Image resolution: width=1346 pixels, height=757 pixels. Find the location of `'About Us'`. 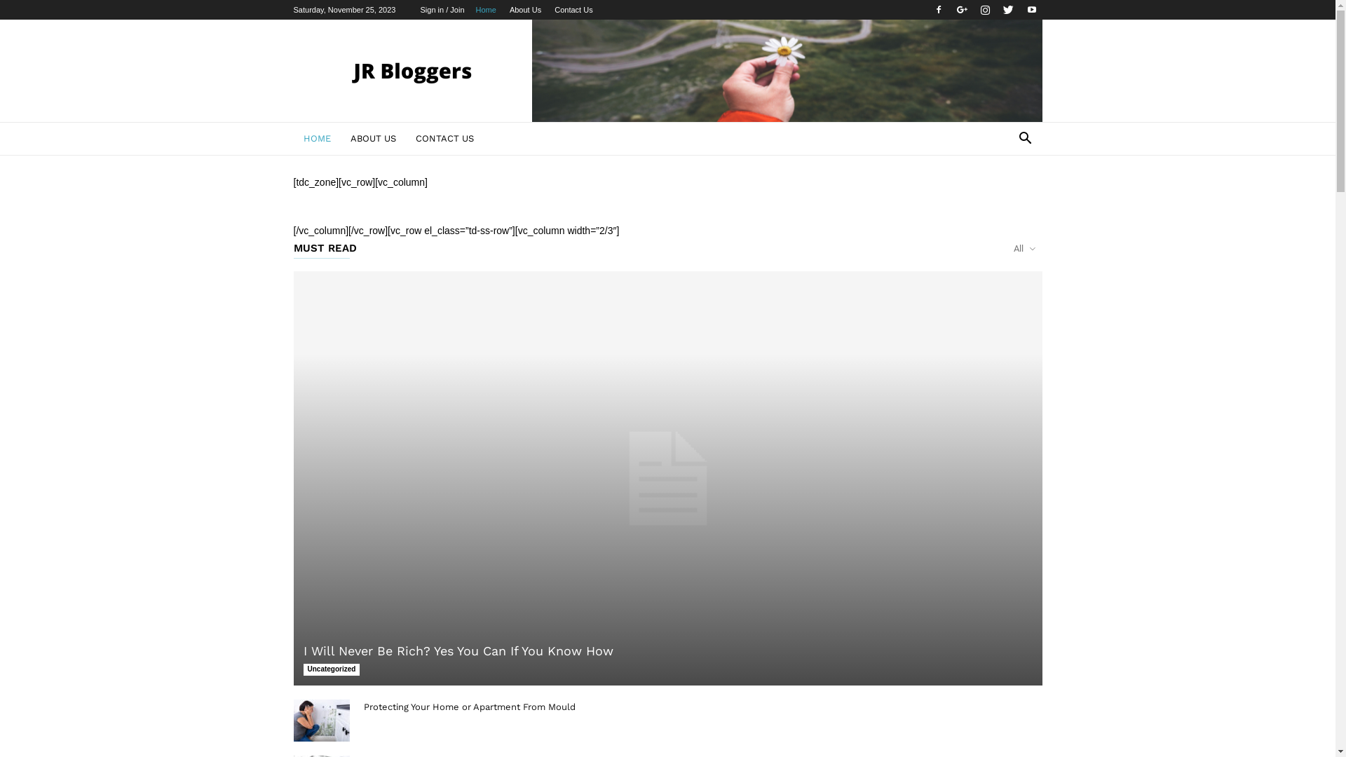

'About Us' is located at coordinates (524, 10).